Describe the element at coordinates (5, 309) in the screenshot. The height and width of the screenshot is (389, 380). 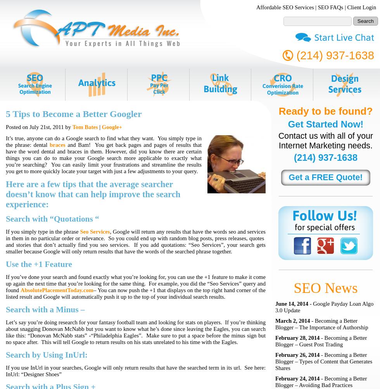
I see `'Search with a Minus –'` at that location.